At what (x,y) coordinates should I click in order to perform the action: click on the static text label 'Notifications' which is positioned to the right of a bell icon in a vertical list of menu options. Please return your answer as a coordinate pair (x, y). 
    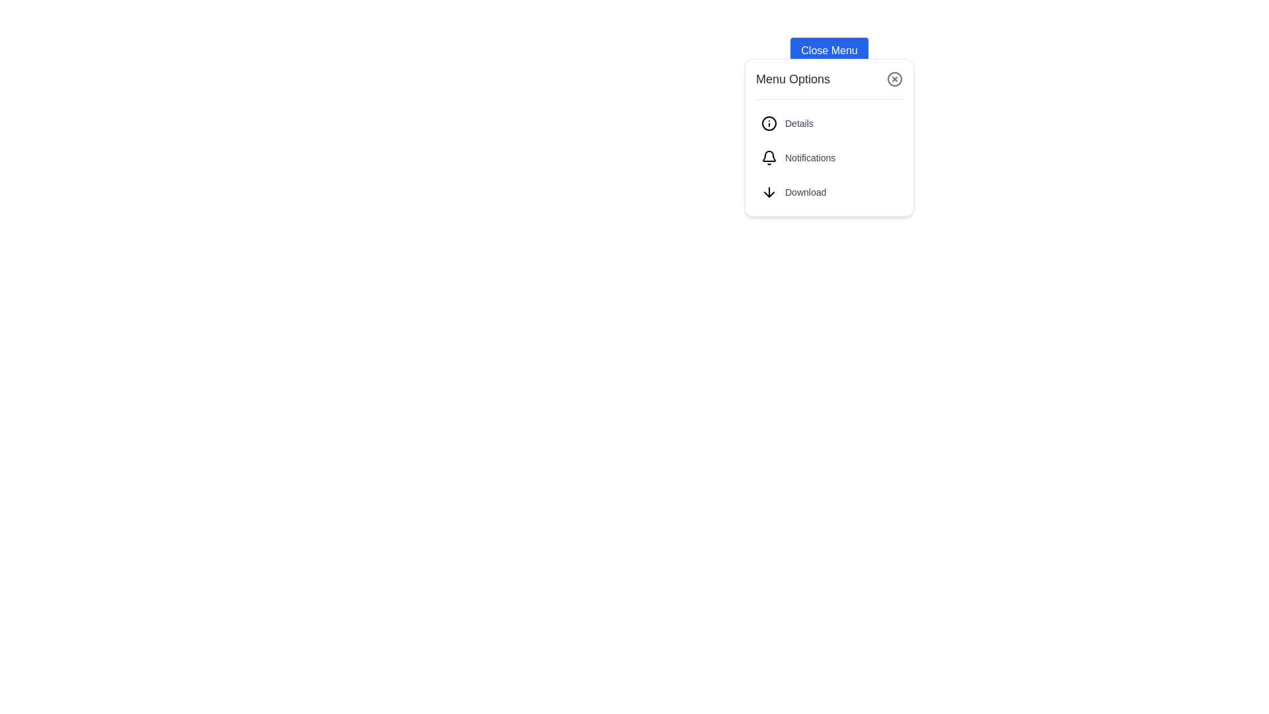
    Looking at the image, I should click on (810, 157).